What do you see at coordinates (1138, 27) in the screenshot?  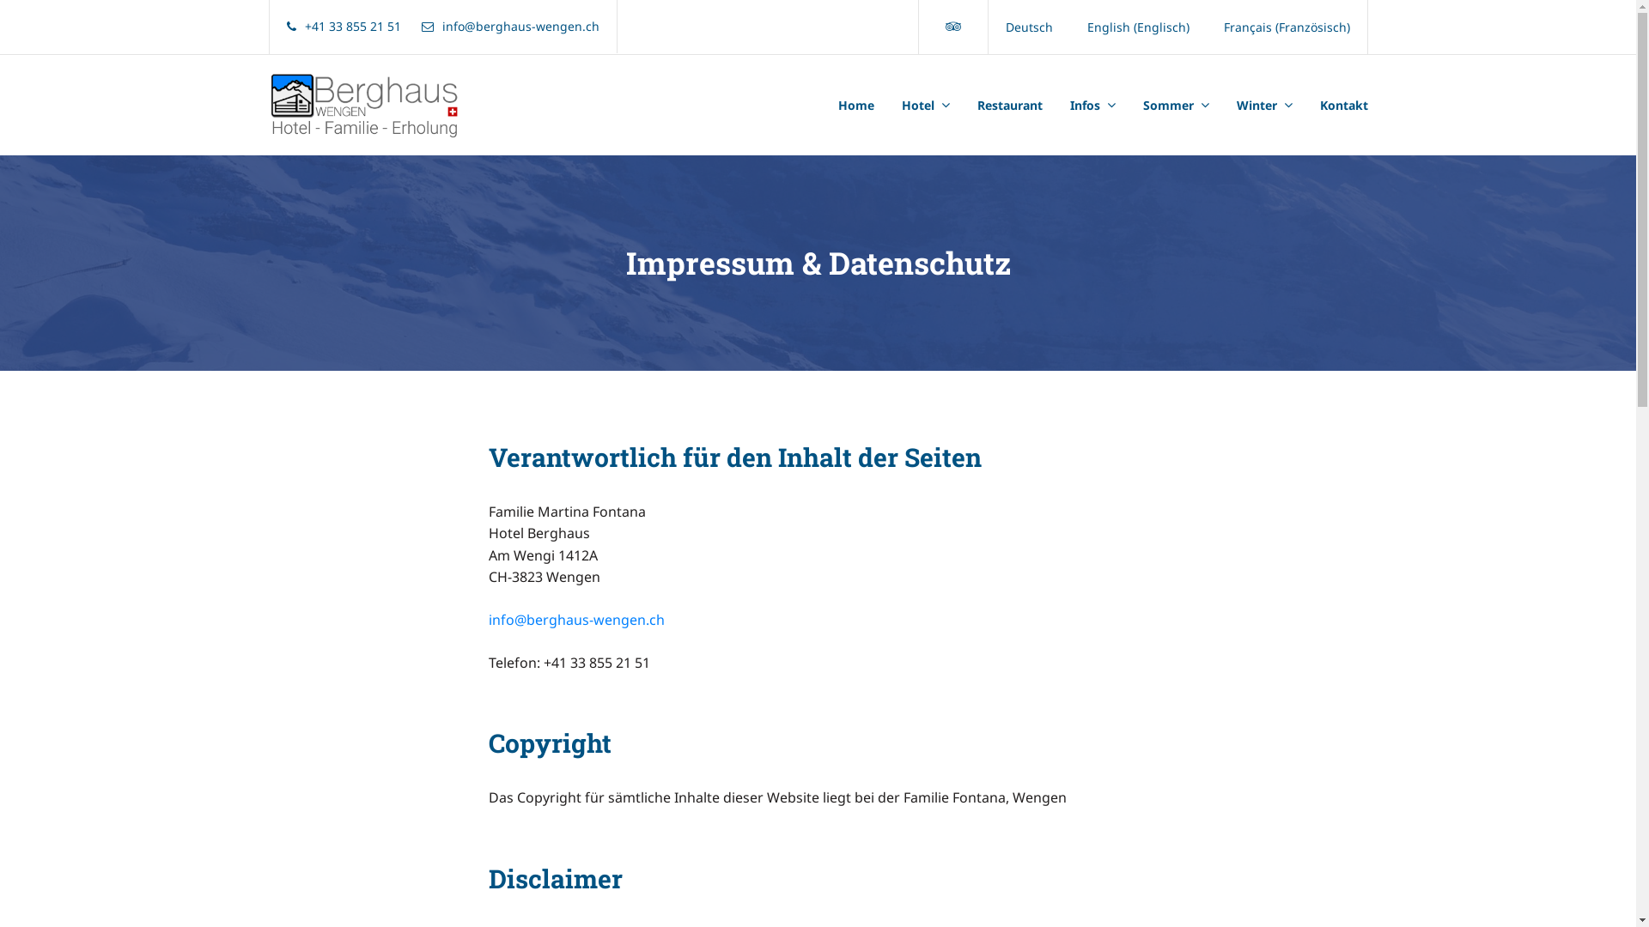 I see `'English (Englisch)'` at bounding box center [1138, 27].